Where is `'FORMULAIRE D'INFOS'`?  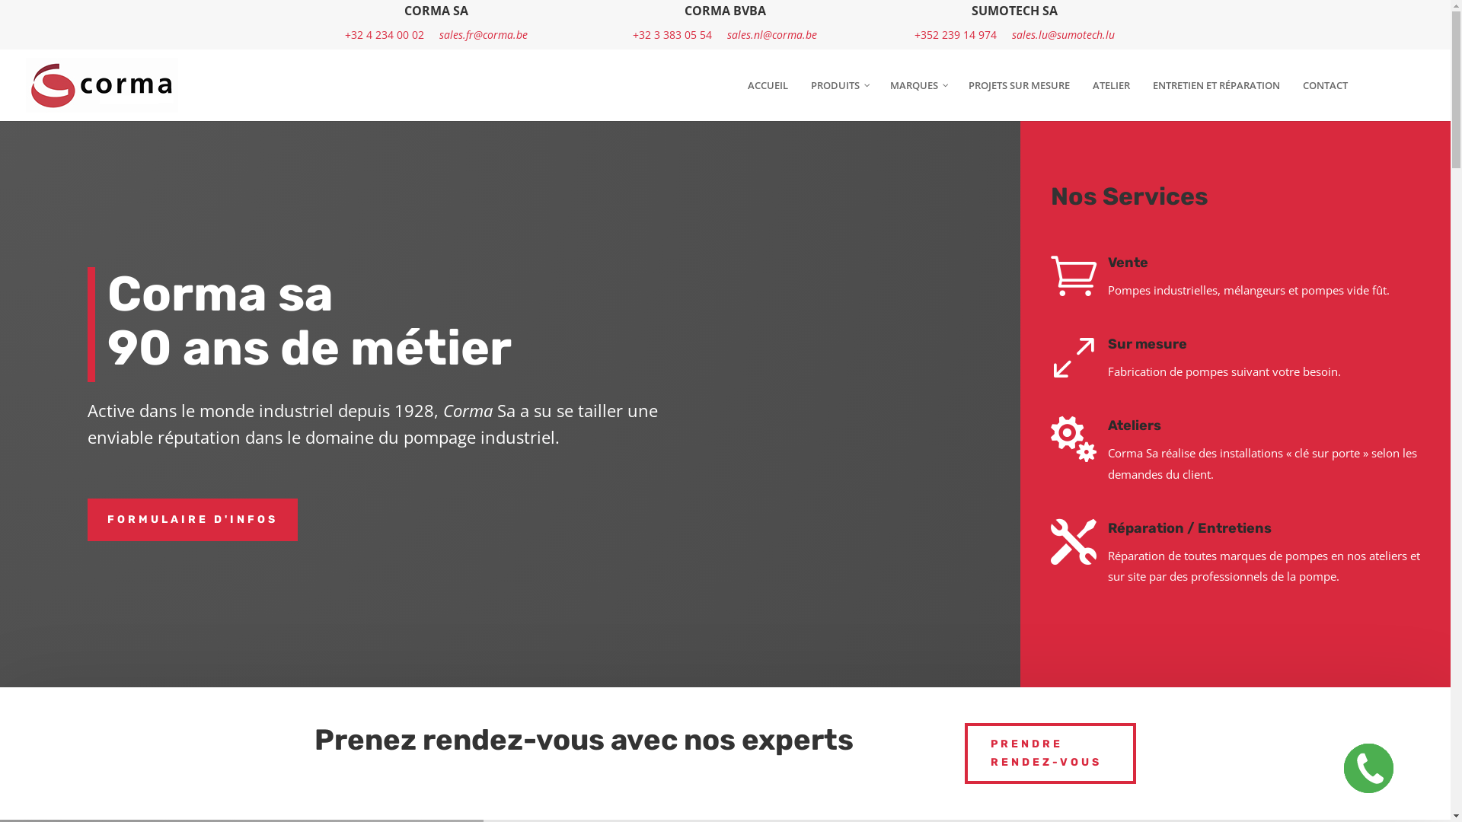
'FORMULAIRE D'INFOS' is located at coordinates (87, 518).